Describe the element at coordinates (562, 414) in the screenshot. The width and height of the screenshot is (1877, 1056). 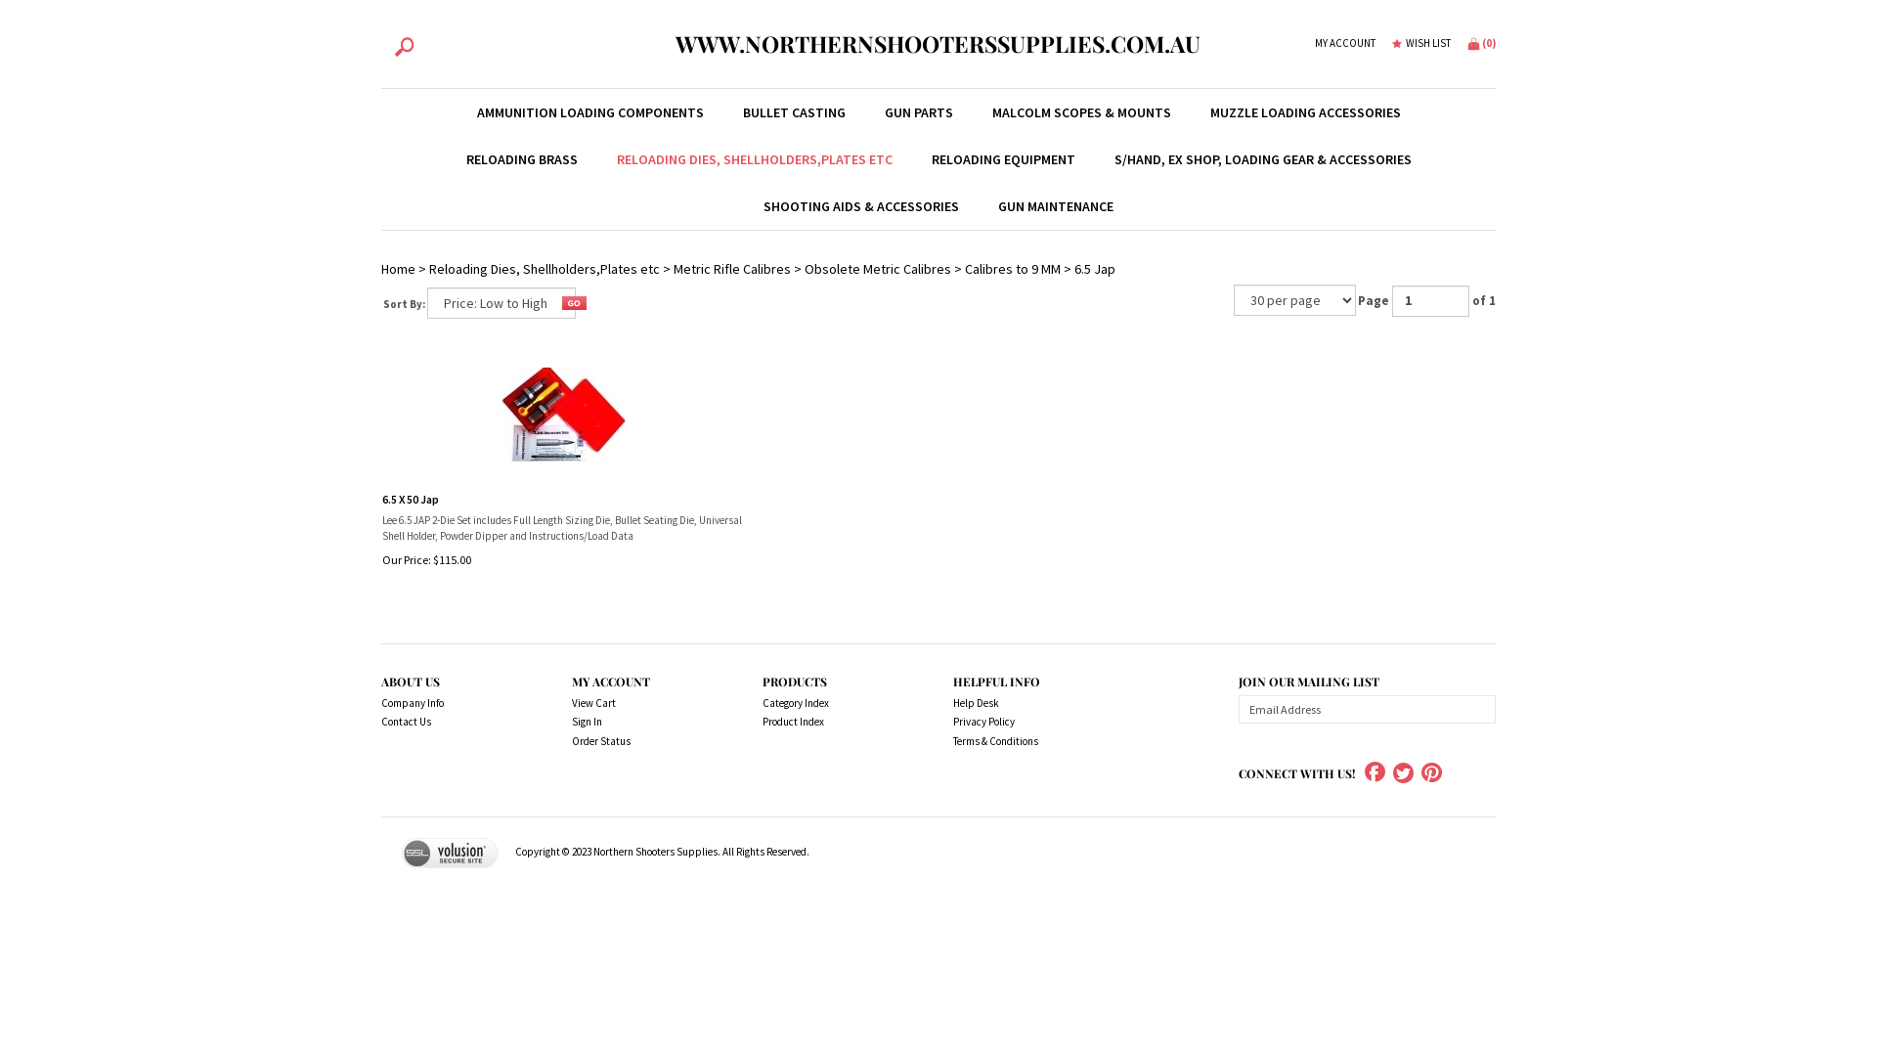
I see `'6.5  X 50 Jap'` at that location.